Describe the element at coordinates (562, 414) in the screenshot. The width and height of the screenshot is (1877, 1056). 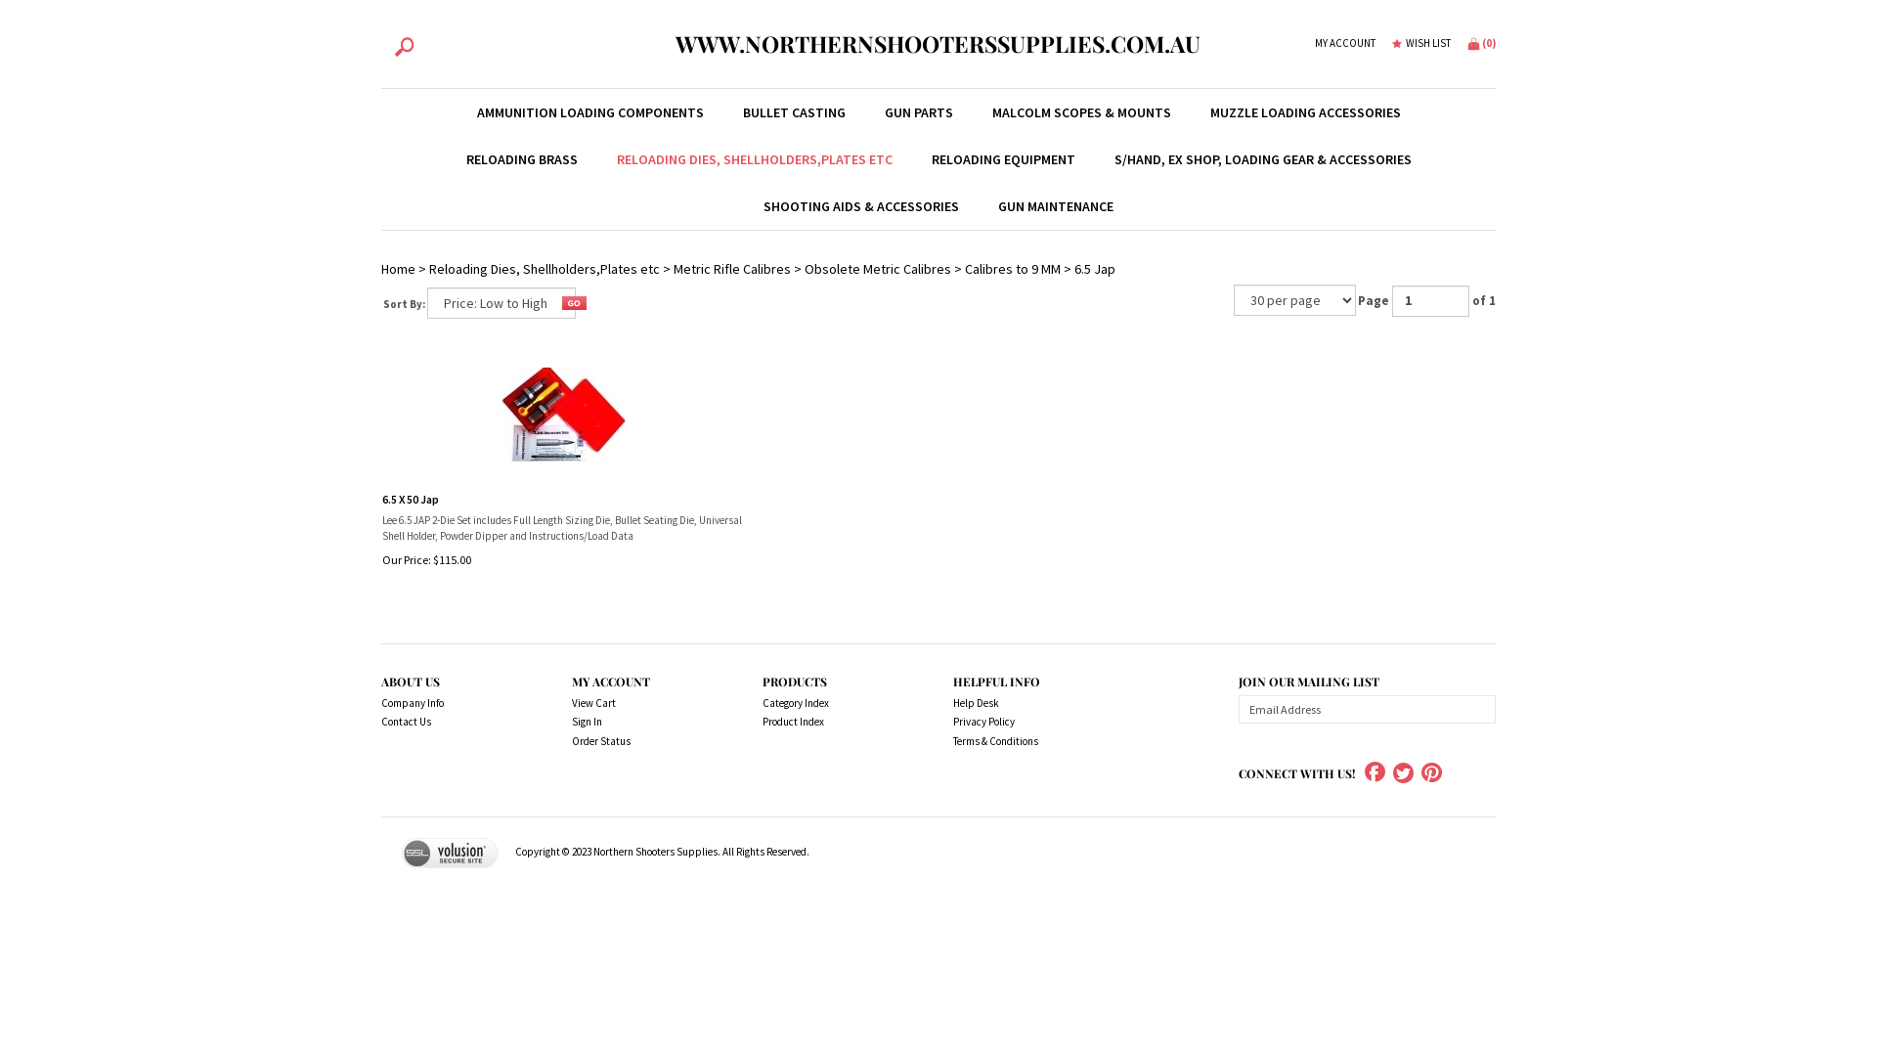
I see `'6.5  X 50 Jap'` at that location.